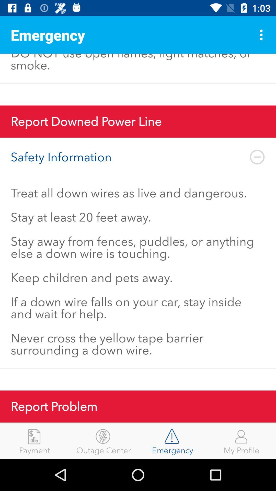 The image size is (276, 491). Describe the element at coordinates (103, 441) in the screenshot. I see `the icon to the left of emergency` at that location.